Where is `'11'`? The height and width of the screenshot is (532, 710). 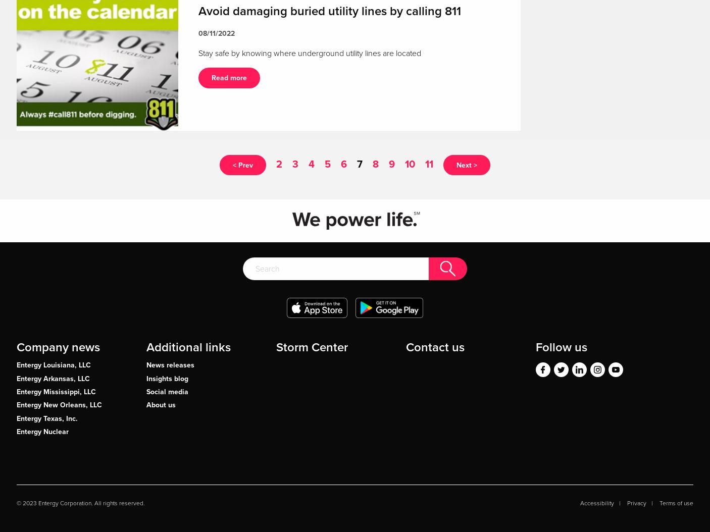 '11' is located at coordinates (429, 163).